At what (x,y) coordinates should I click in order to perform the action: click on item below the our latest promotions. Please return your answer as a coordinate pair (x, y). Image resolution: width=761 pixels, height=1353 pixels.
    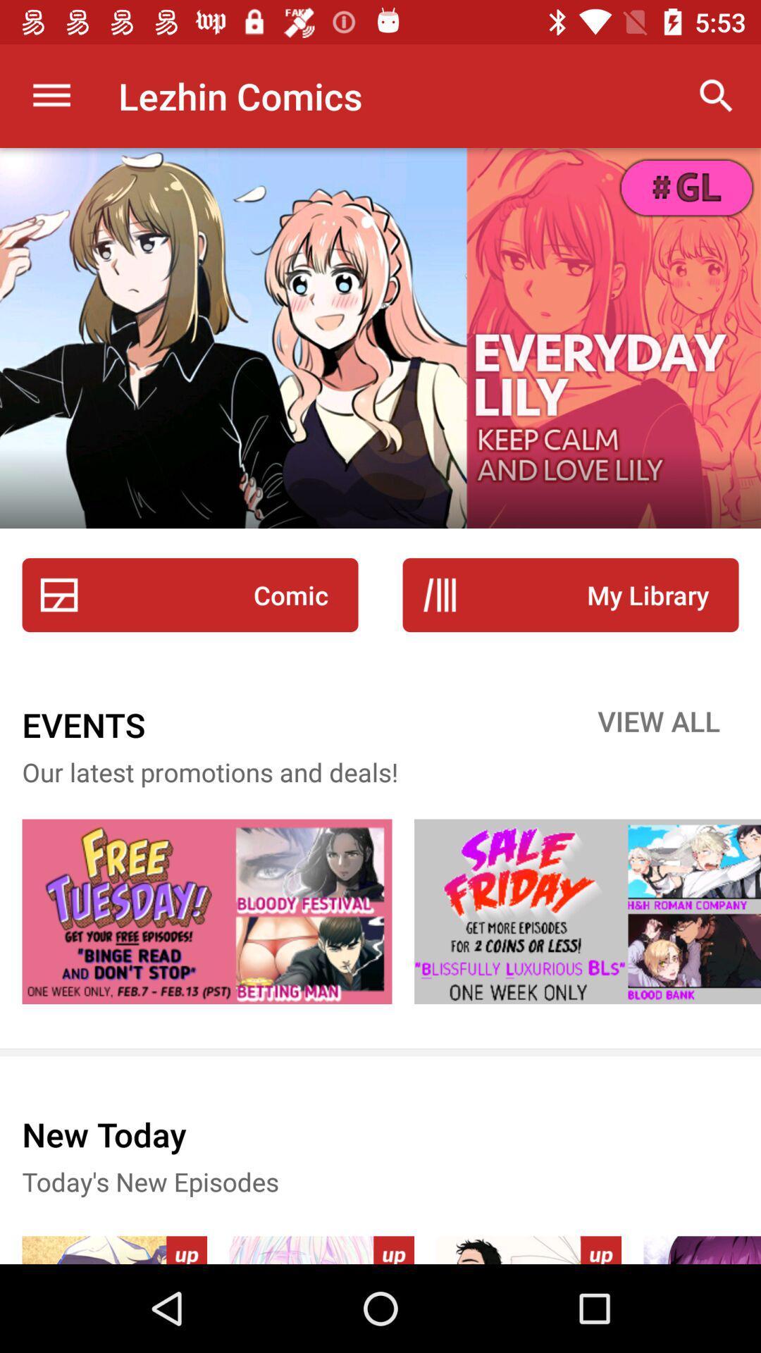
    Looking at the image, I should click on (587, 911).